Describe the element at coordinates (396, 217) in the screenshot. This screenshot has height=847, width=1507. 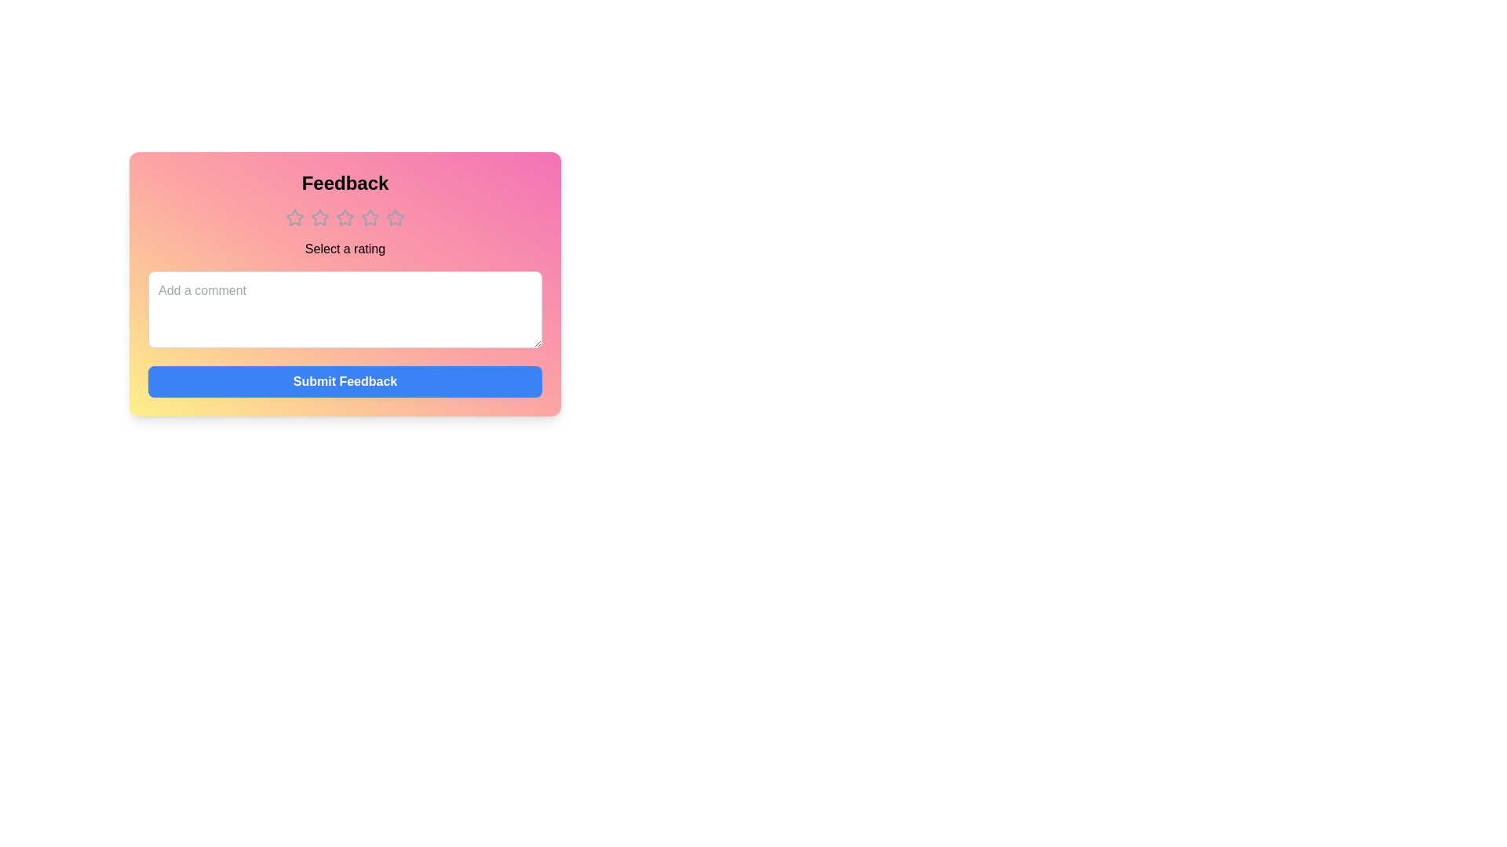
I see `the star corresponding to 5 to see its description` at that location.